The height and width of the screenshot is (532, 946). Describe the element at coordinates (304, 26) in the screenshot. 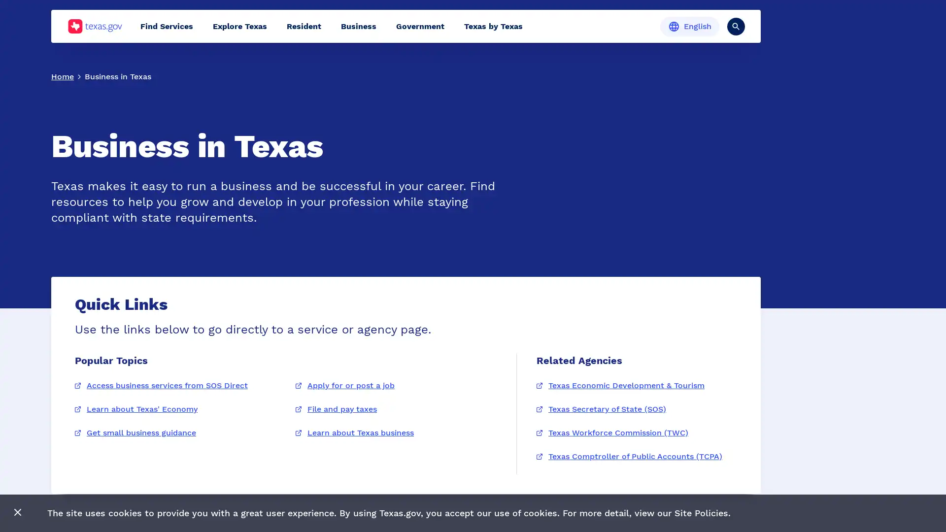

I see `Resident` at that location.